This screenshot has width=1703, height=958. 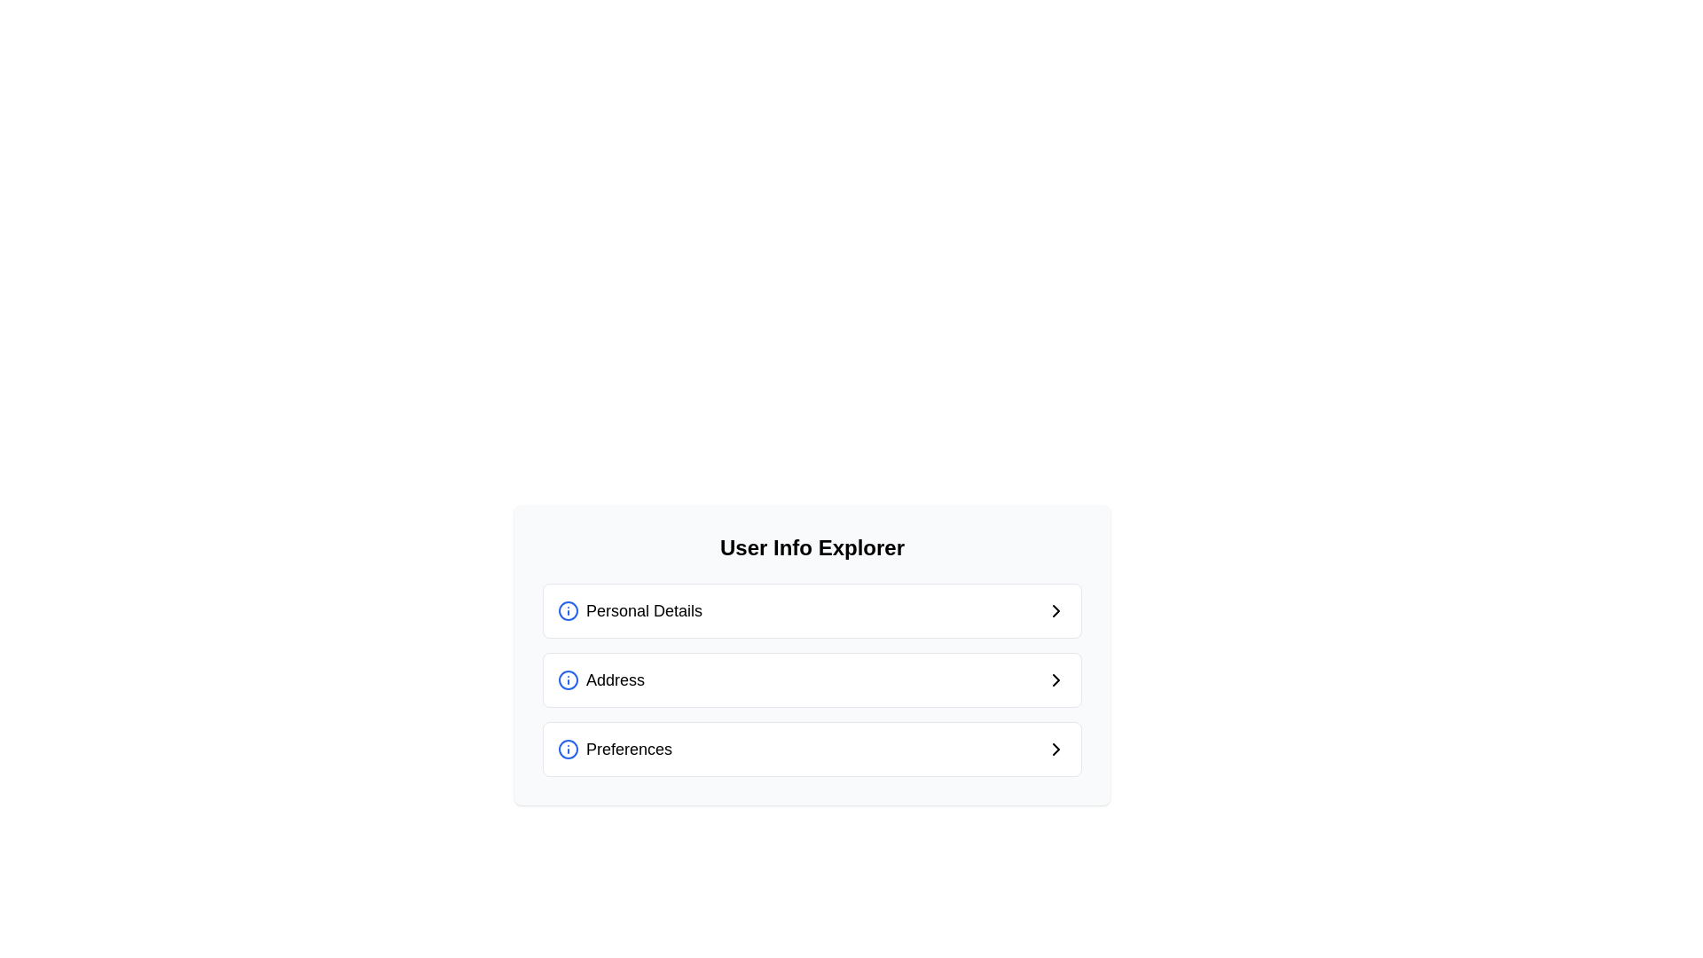 I want to click on the icon located on the rightmost side of the row labeled 'Address', which is the second item in a vertically aligned list, so click(x=1056, y=679).